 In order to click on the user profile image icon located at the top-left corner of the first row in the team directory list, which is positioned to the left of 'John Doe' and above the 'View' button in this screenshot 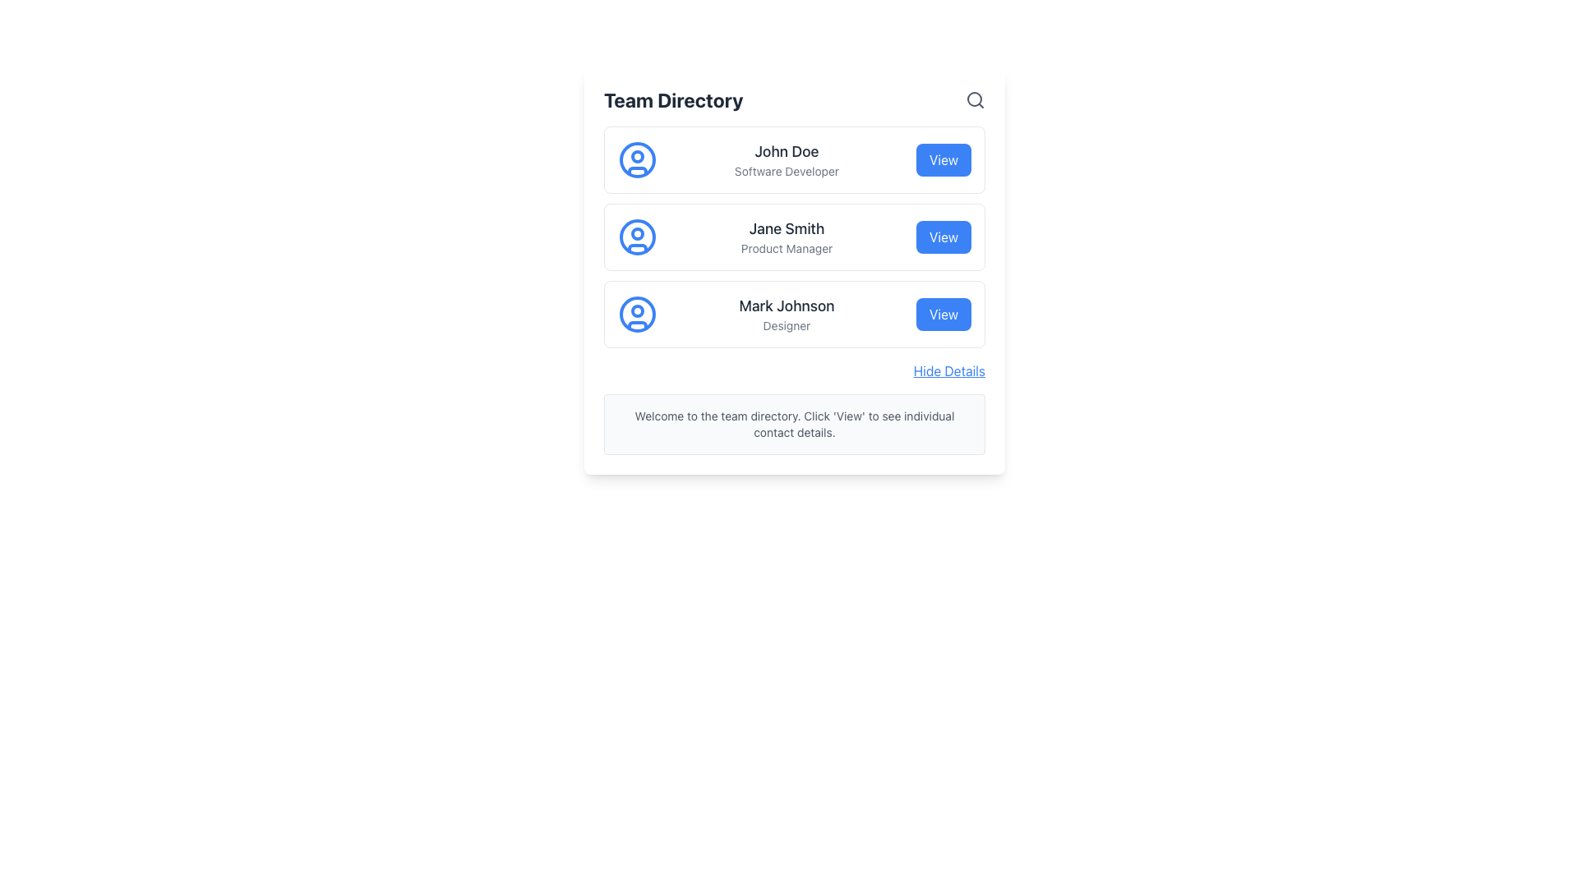, I will do `click(637, 160)`.